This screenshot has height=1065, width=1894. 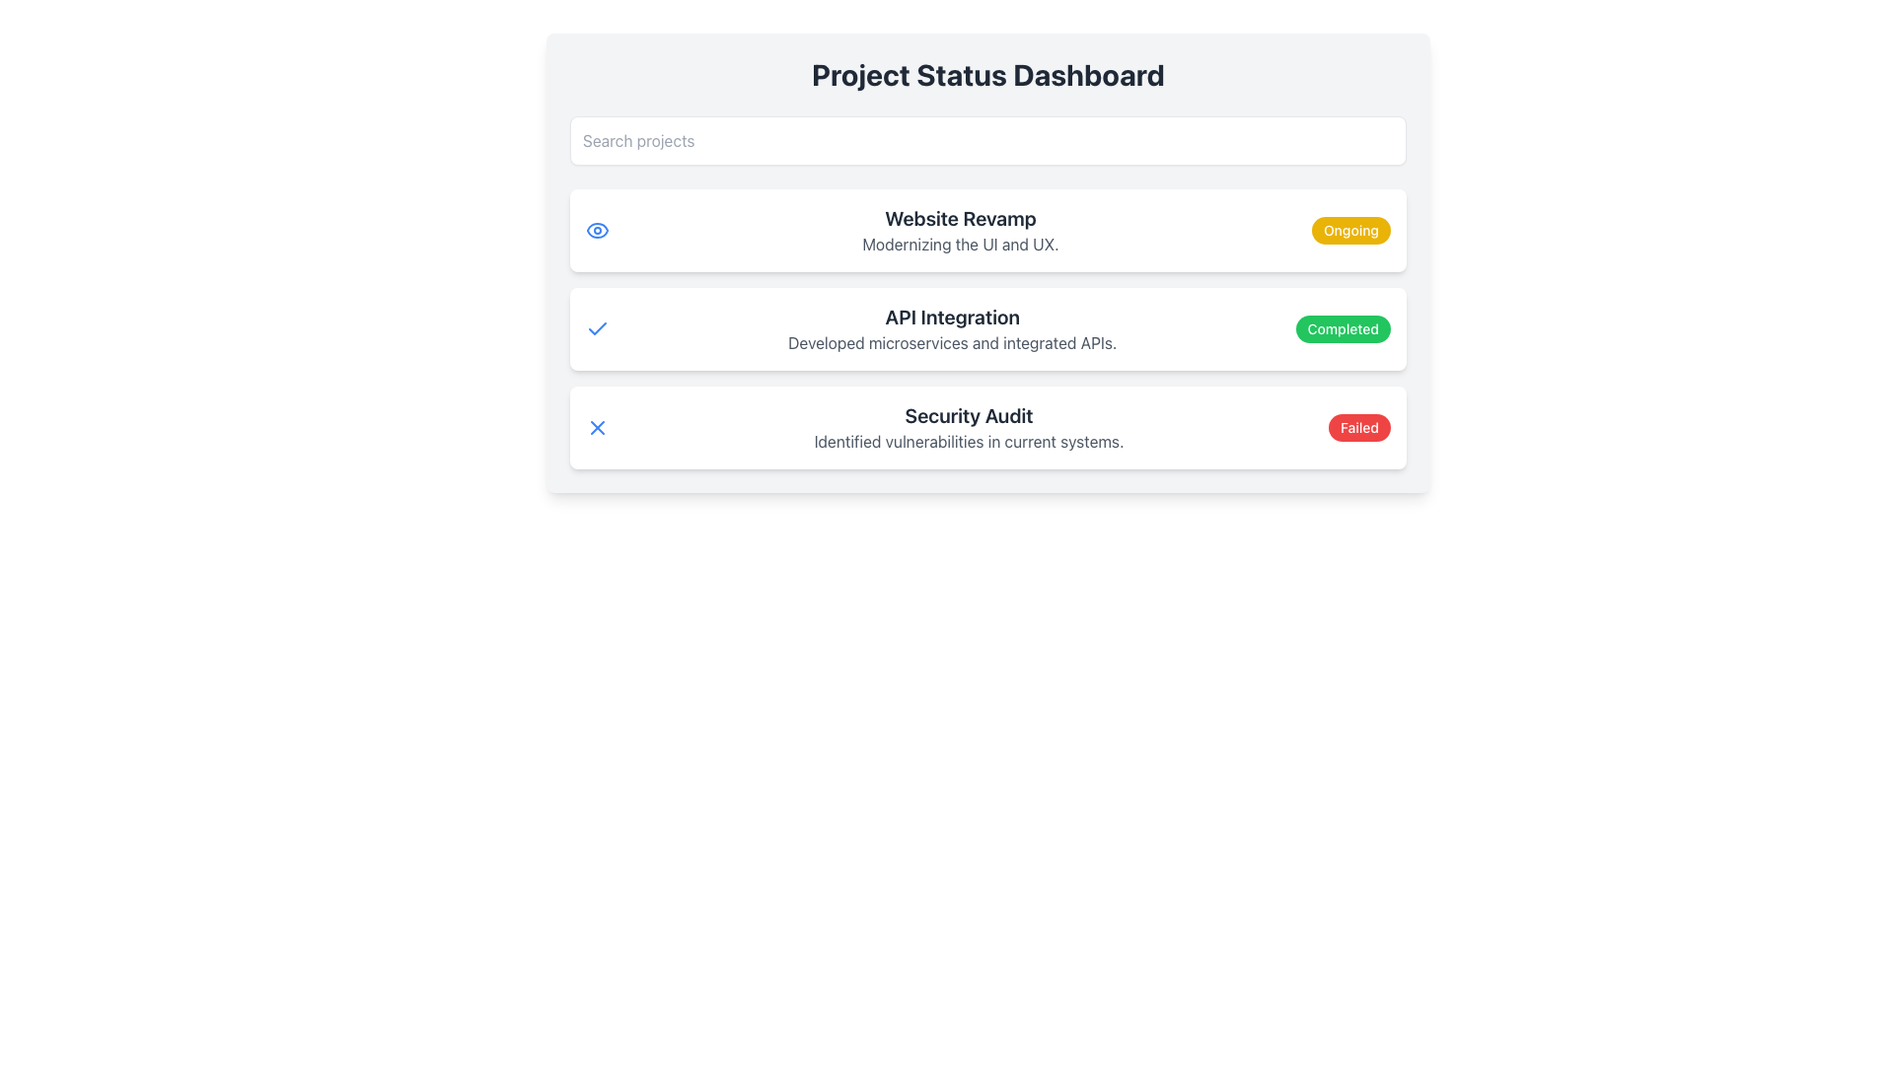 What do you see at coordinates (988, 139) in the screenshot?
I see `the search input box located beneath the 'Project Status Dashboard' title` at bounding box center [988, 139].